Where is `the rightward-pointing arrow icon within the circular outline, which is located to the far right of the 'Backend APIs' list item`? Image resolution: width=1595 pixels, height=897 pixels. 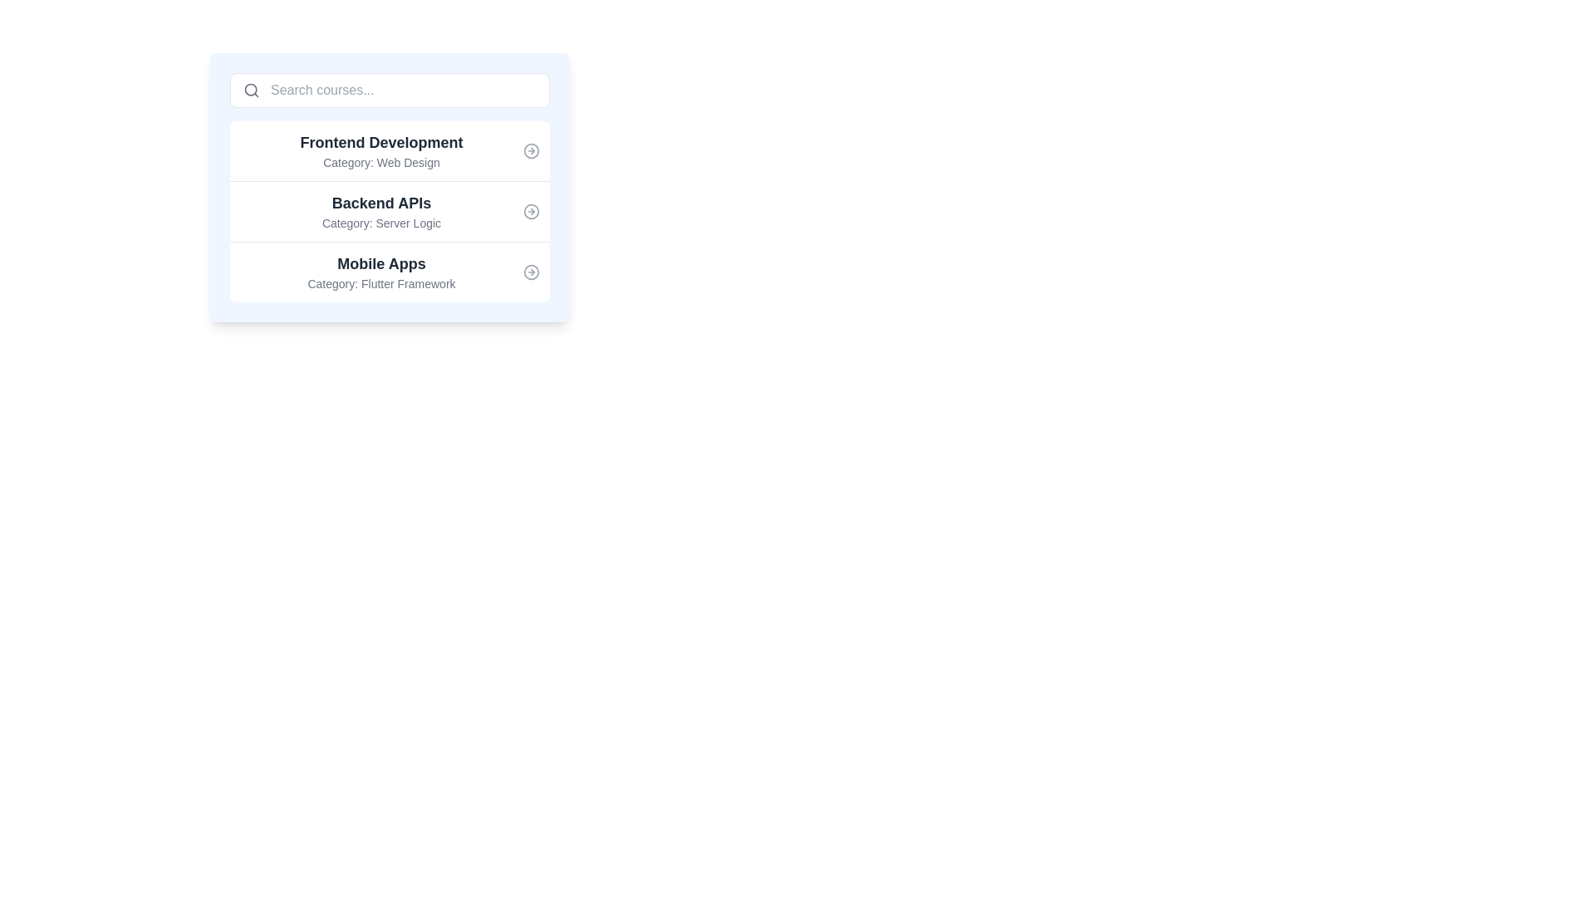
the rightward-pointing arrow icon within the circular outline, which is located to the far right of the 'Backend APIs' list item is located at coordinates (530, 210).